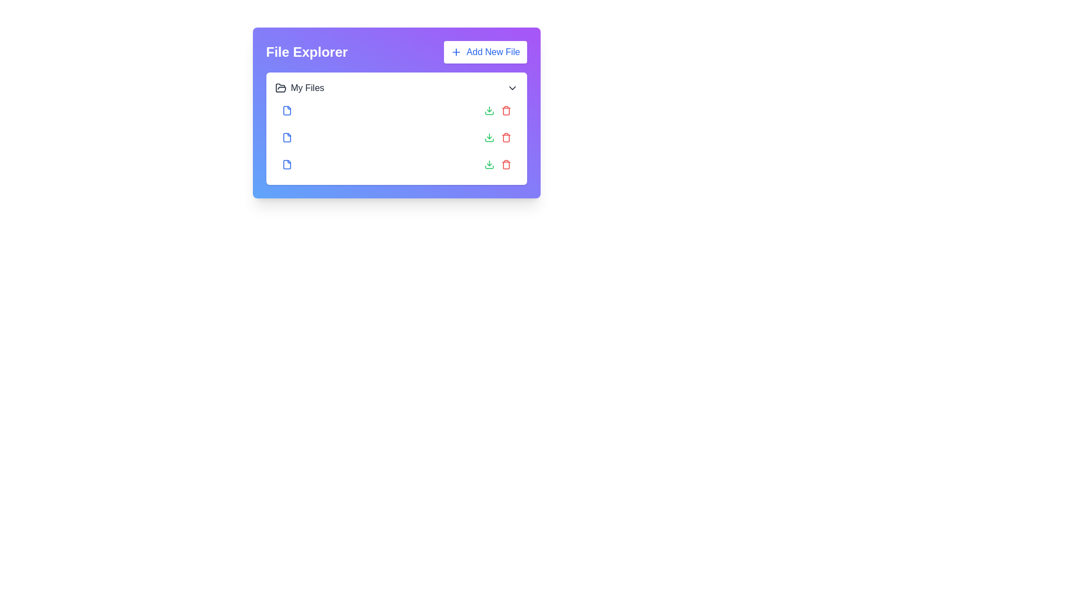  Describe the element at coordinates (280, 88) in the screenshot. I see `the open folder icon located in the 'My Files' section, positioned to the left of the 'My Files' text` at that location.